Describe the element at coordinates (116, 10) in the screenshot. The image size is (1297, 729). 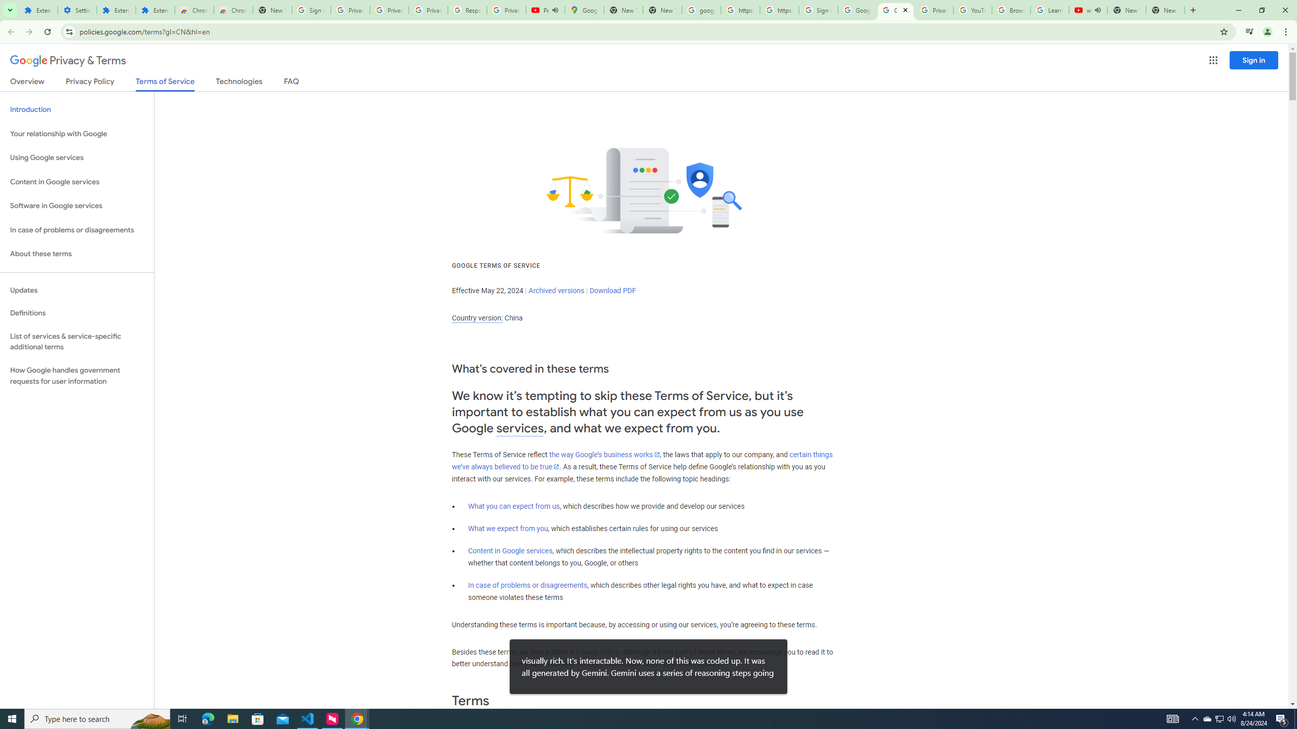
I see `'Extensions'` at that location.